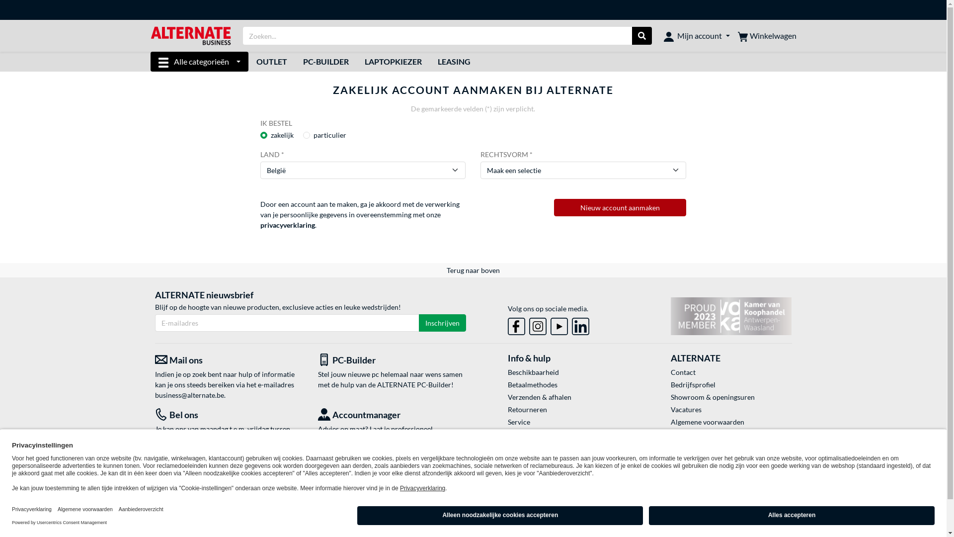 This screenshot has height=537, width=954. I want to click on 'Linkedin', so click(572, 326).